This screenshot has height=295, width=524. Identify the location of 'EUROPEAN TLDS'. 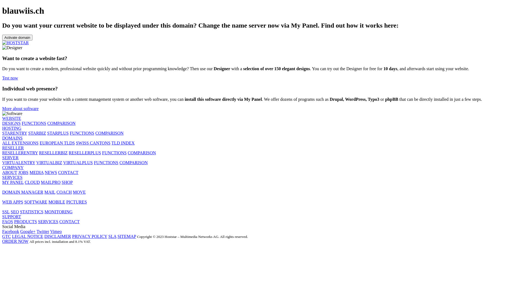
(39, 143).